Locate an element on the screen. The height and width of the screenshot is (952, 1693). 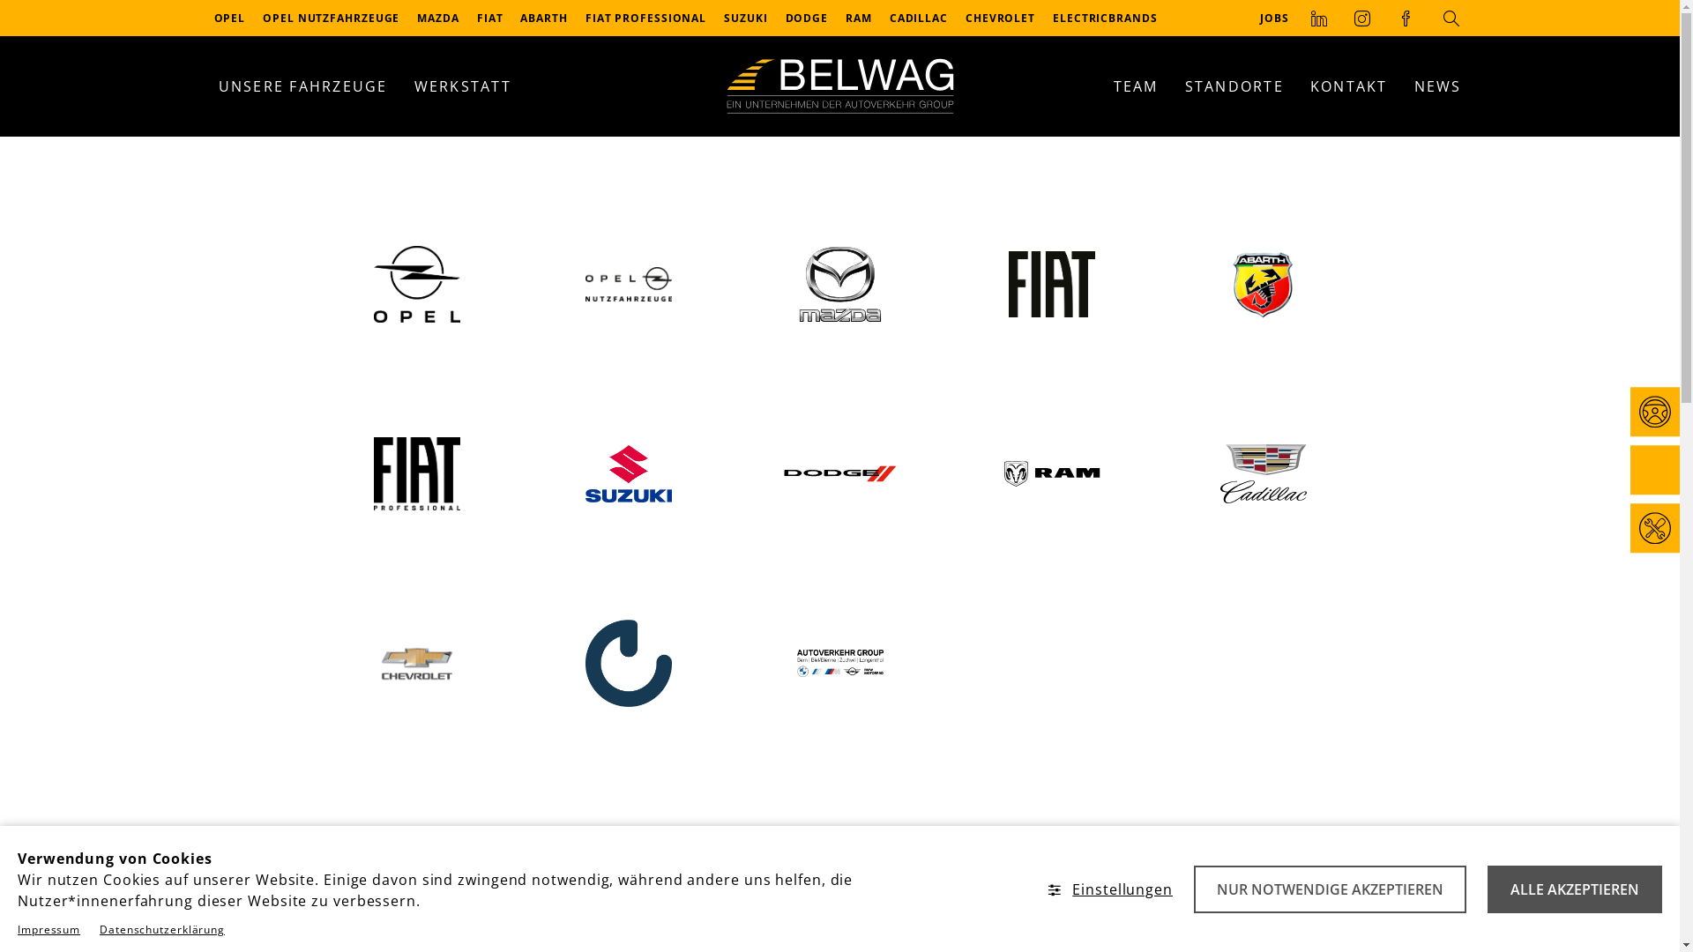
'Facebook' is located at coordinates (1405, 17).